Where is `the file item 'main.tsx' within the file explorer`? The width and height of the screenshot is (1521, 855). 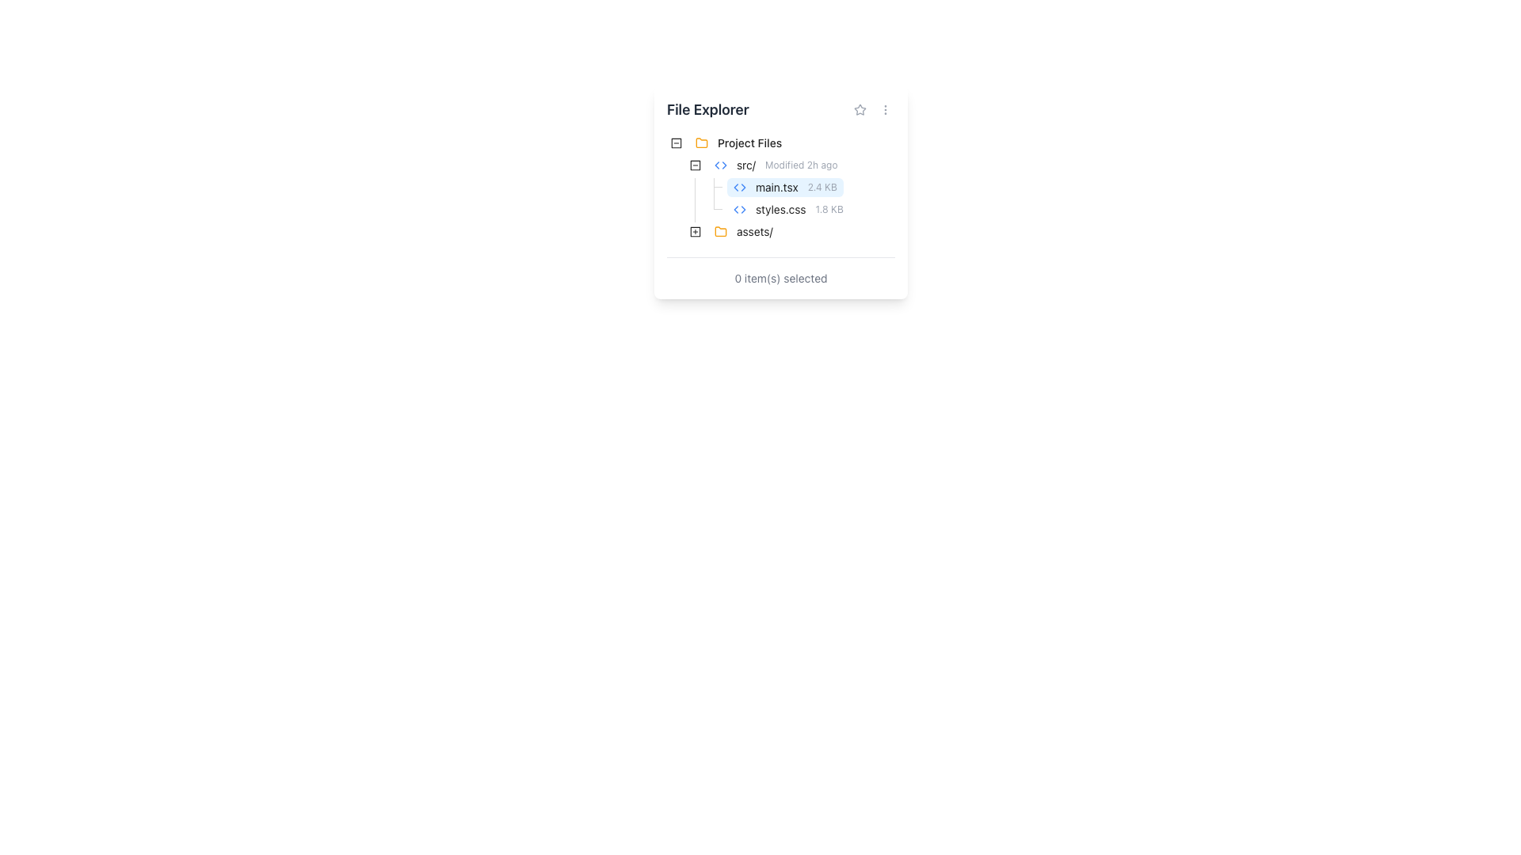 the file item 'main.tsx' within the file explorer is located at coordinates (785, 186).